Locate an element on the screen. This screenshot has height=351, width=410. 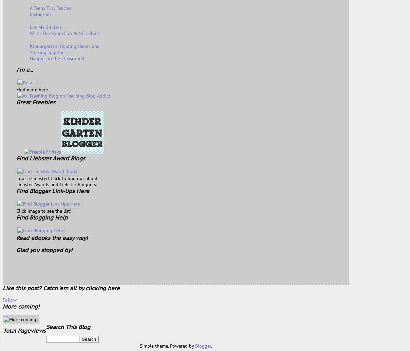
'I'm a...' is located at coordinates (24, 69).